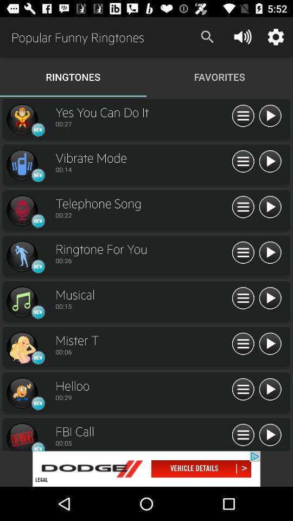 This screenshot has height=521, width=293. Describe the element at coordinates (22, 347) in the screenshot. I see `mister t avatar` at that location.